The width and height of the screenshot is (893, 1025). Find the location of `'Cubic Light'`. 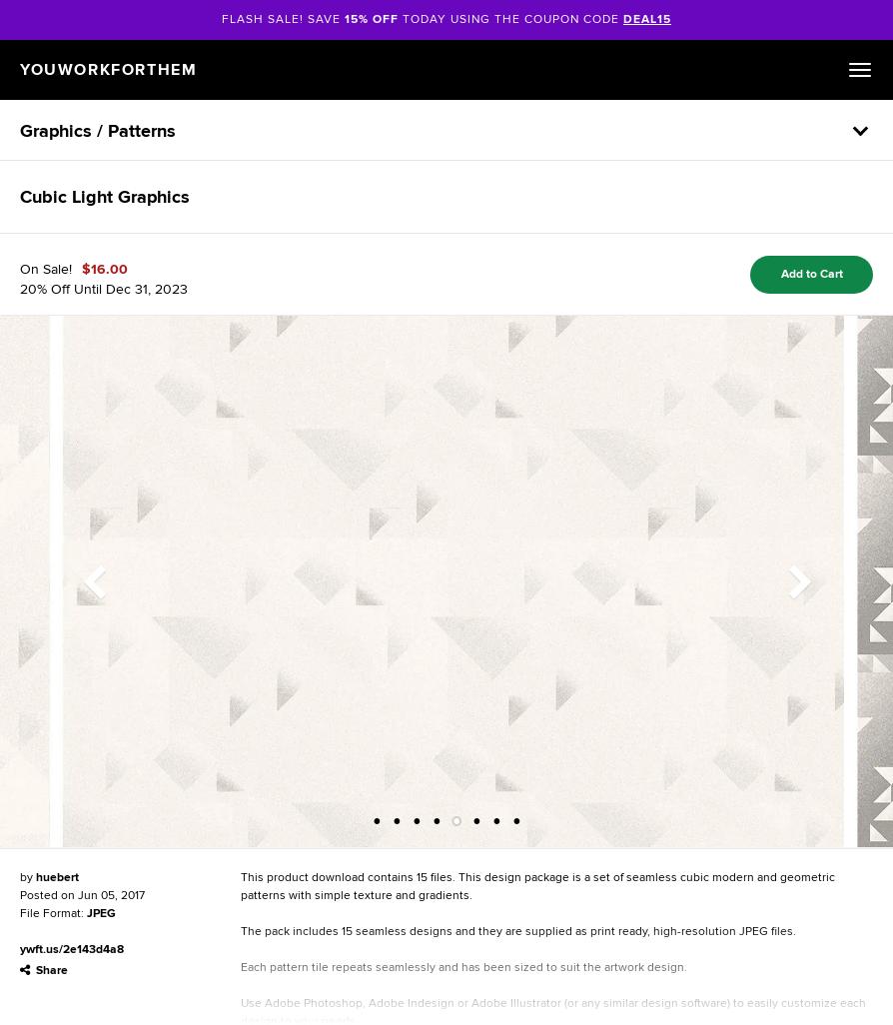

'Cubic Light' is located at coordinates (69, 195).